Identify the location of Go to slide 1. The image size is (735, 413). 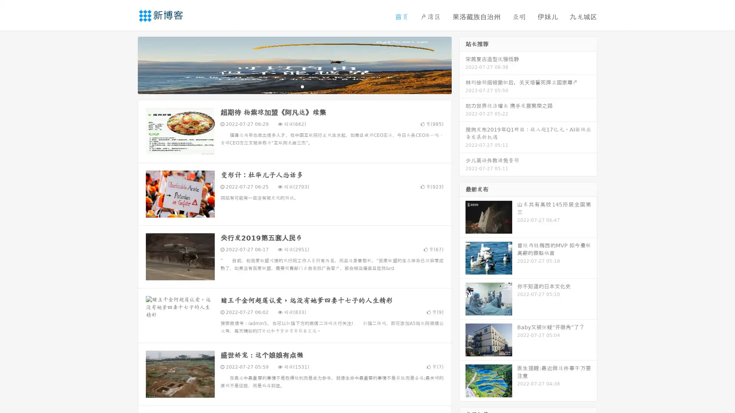
(286, 86).